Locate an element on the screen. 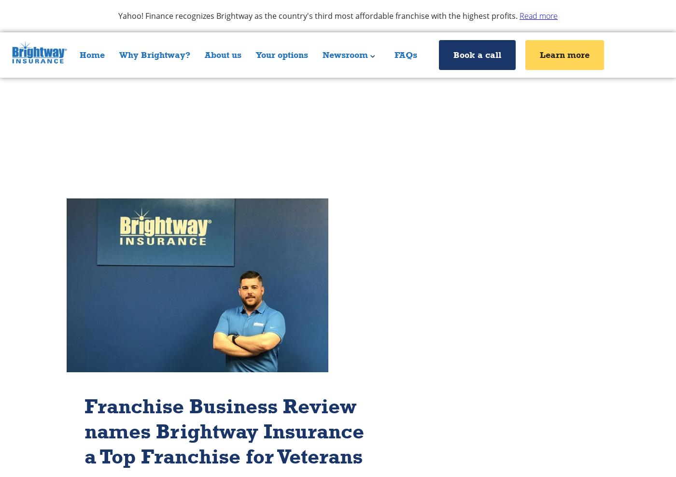 This screenshot has width=676, height=477. 'About us' is located at coordinates (223, 55).